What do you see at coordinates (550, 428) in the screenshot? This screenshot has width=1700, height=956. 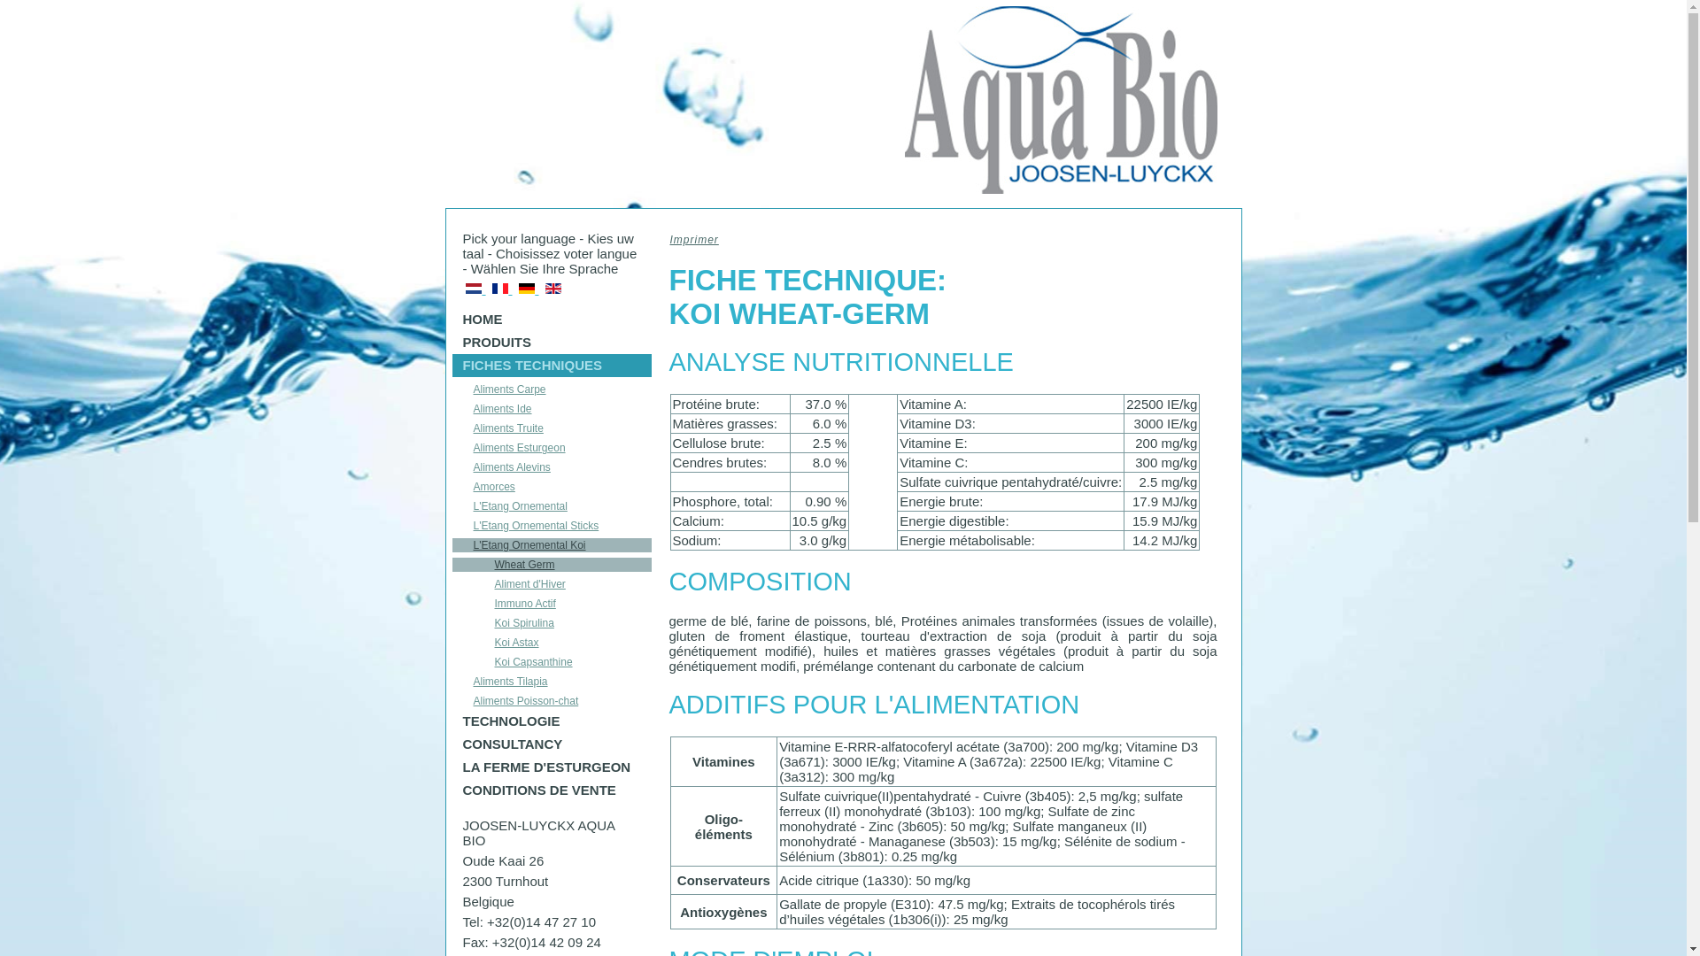 I see `'Aliments Truite'` at bounding box center [550, 428].